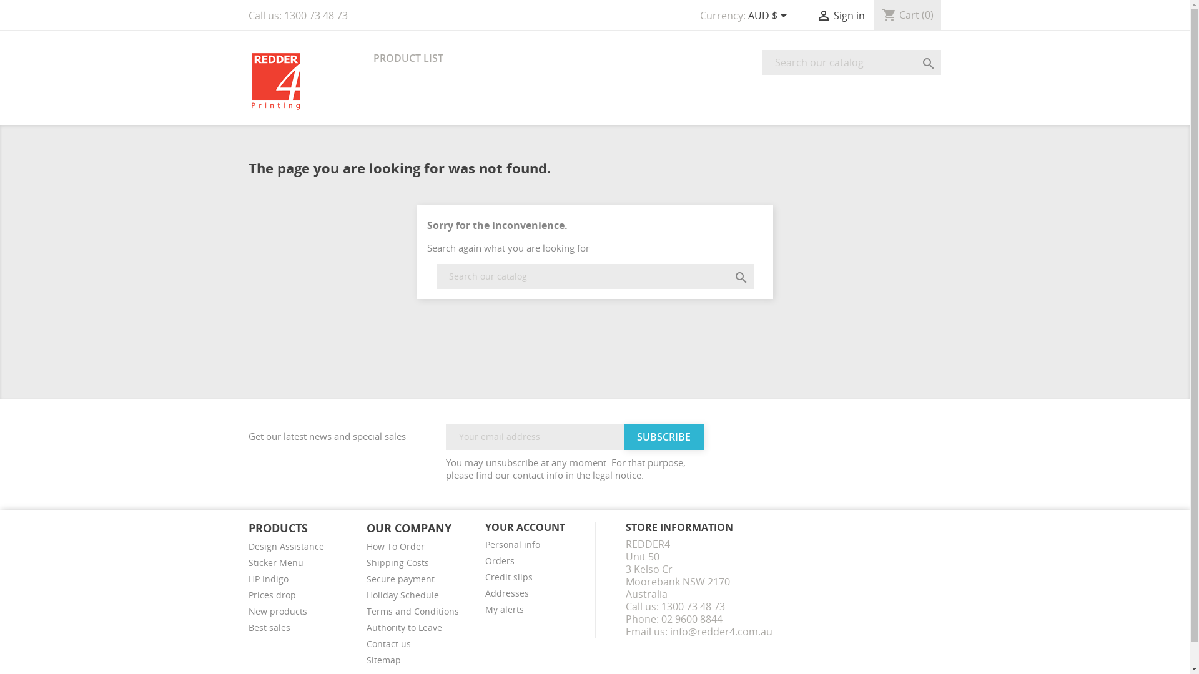 This screenshot has height=674, width=1199. What do you see at coordinates (395, 545) in the screenshot?
I see `'How To Order'` at bounding box center [395, 545].